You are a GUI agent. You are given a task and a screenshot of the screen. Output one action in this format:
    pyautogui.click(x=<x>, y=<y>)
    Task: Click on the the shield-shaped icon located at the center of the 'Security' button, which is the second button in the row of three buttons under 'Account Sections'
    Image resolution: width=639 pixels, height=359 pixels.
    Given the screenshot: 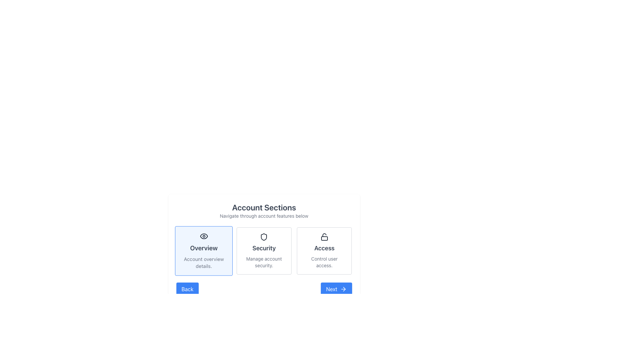 What is the action you would take?
    pyautogui.click(x=264, y=237)
    